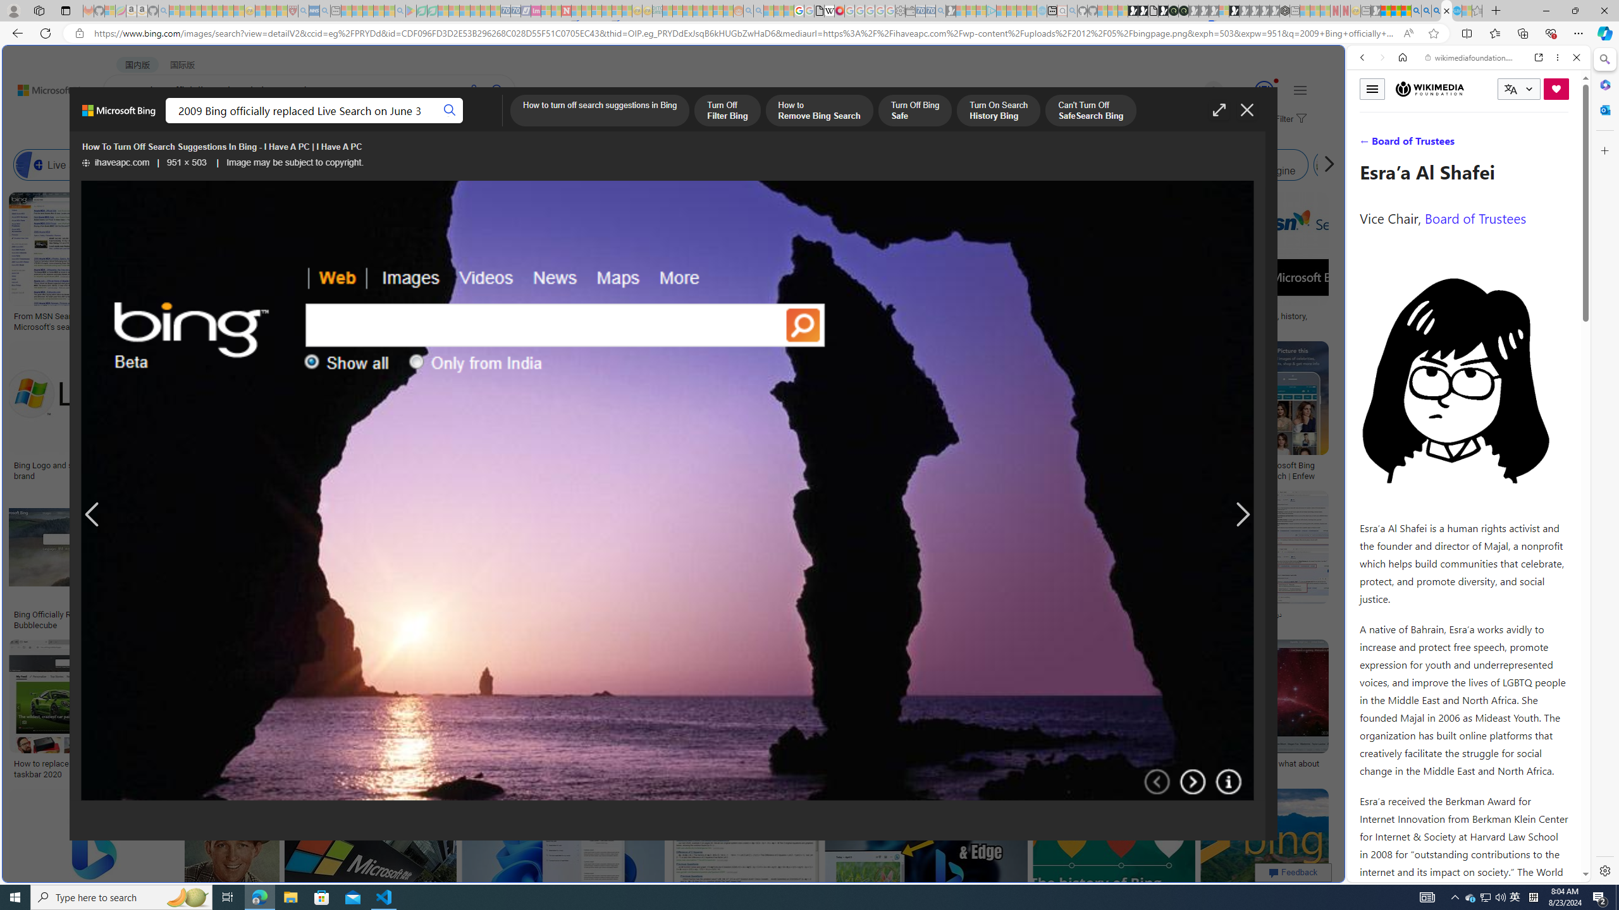 The width and height of the screenshot is (1619, 910). What do you see at coordinates (1603, 150) in the screenshot?
I see `'Close Customize pane'` at bounding box center [1603, 150].